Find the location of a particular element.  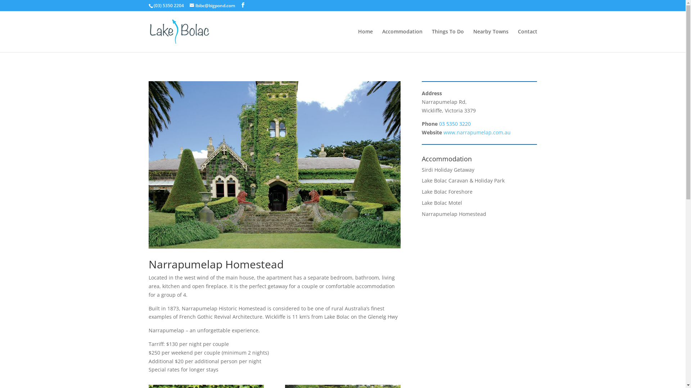

'Contact' is located at coordinates (527, 40).